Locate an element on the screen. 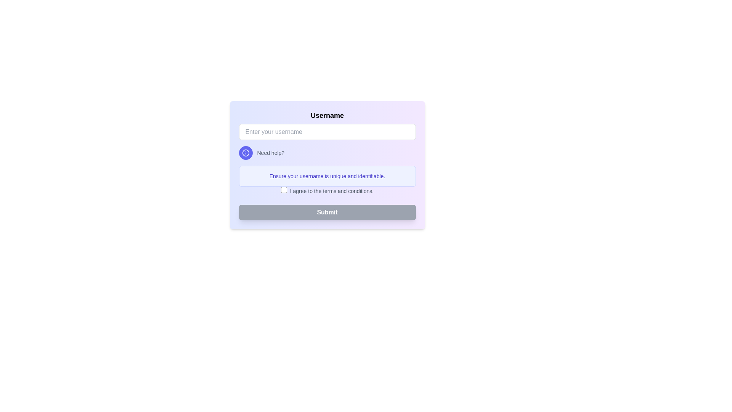 The height and width of the screenshot is (412, 732). the text label that reads 'I agree to the terms and conditions.' located to the right of a small checkbox in the bottom section of a form interface is located at coordinates (332, 191).